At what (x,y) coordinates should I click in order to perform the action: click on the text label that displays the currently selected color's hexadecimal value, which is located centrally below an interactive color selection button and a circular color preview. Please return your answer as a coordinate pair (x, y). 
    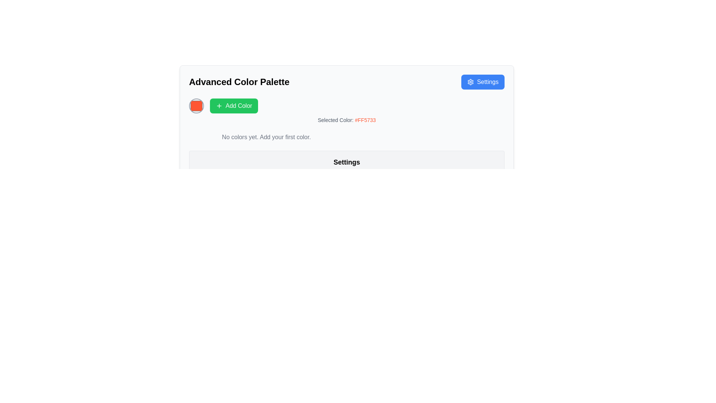
    Looking at the image, I should click on (346, 119).